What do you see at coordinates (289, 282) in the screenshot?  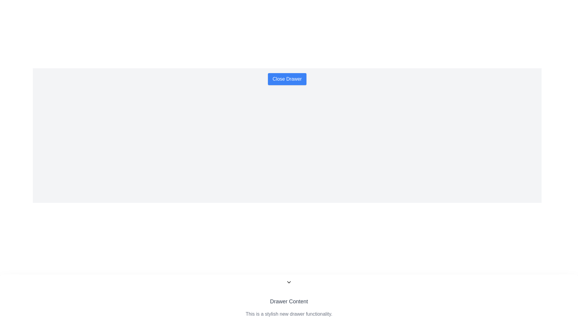 I see `the downward-pointing chevron icon, which is a black or dark gray outline on a light background, located at the bottom center of the section above the 'Drawer Content'` at bounding box center [289, 282].